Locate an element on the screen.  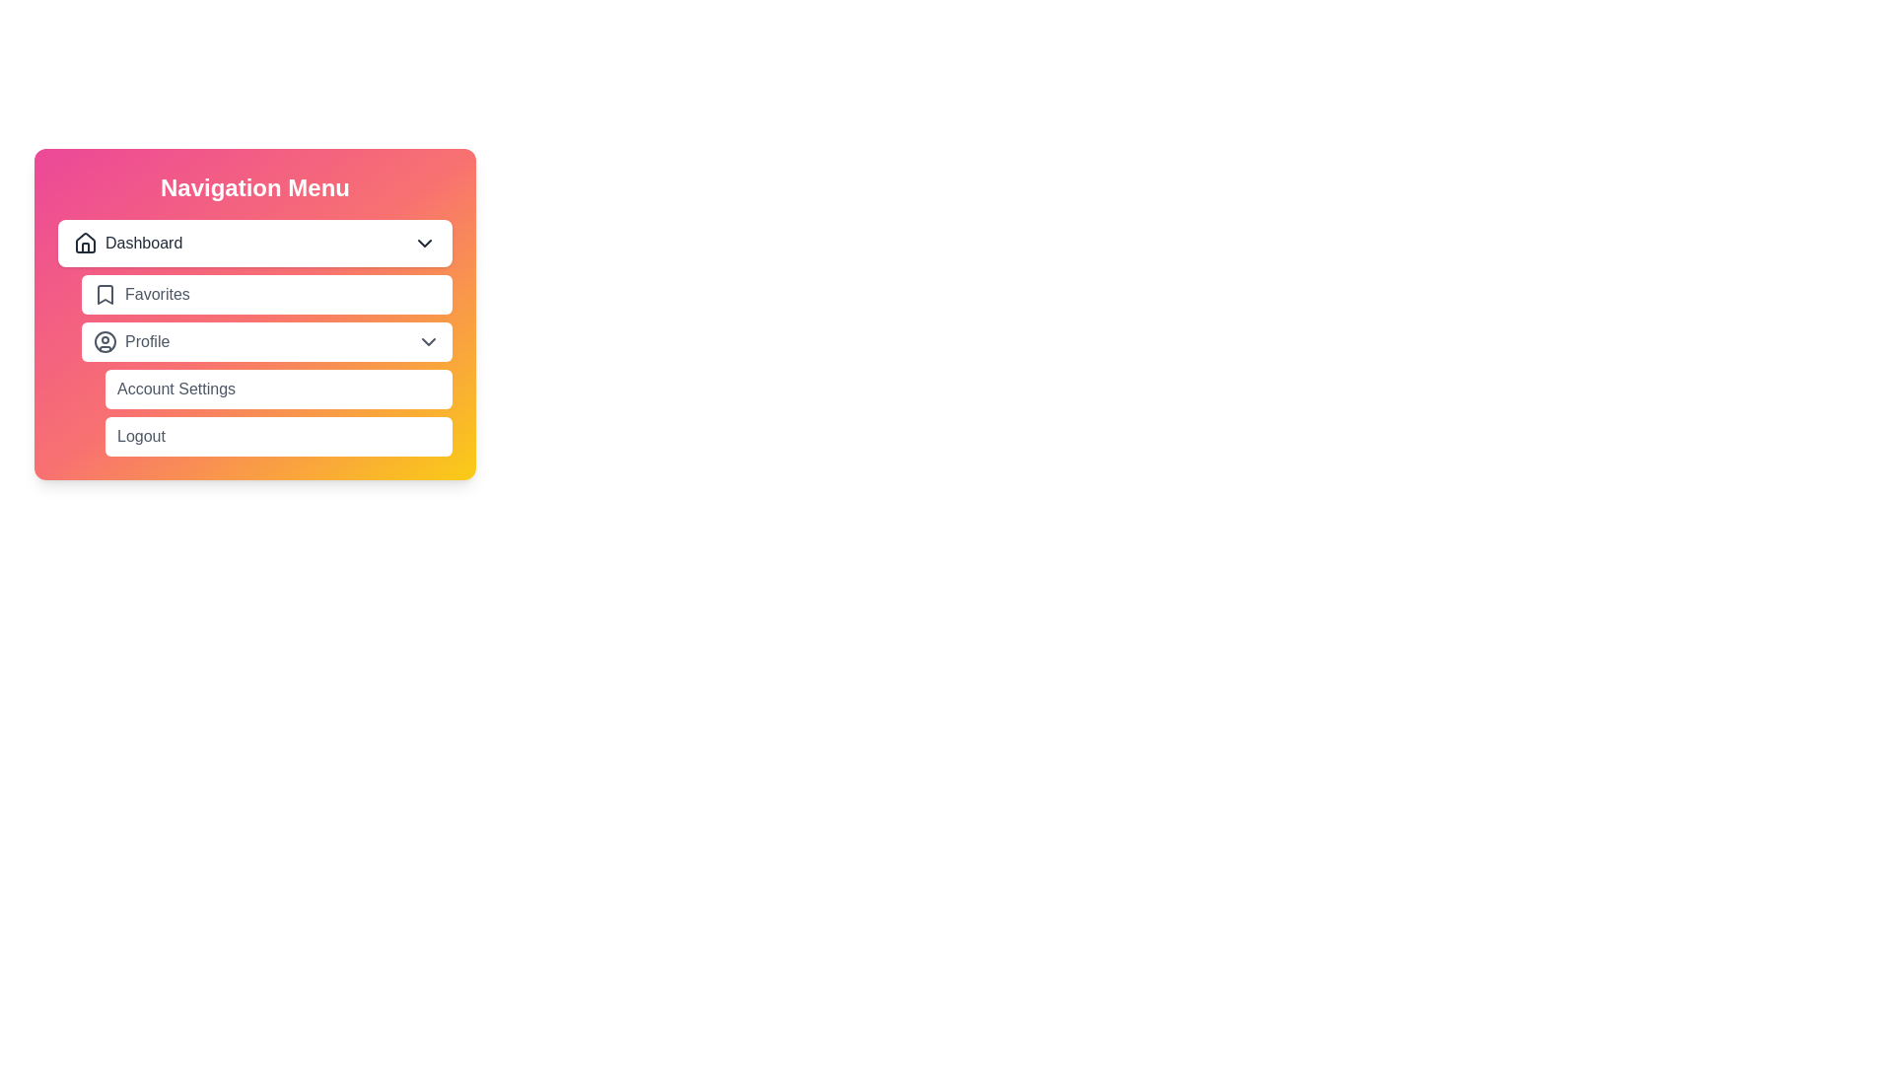
the 'Account Settings' button located in the left navigation menu is located at coordinates (278, 389).